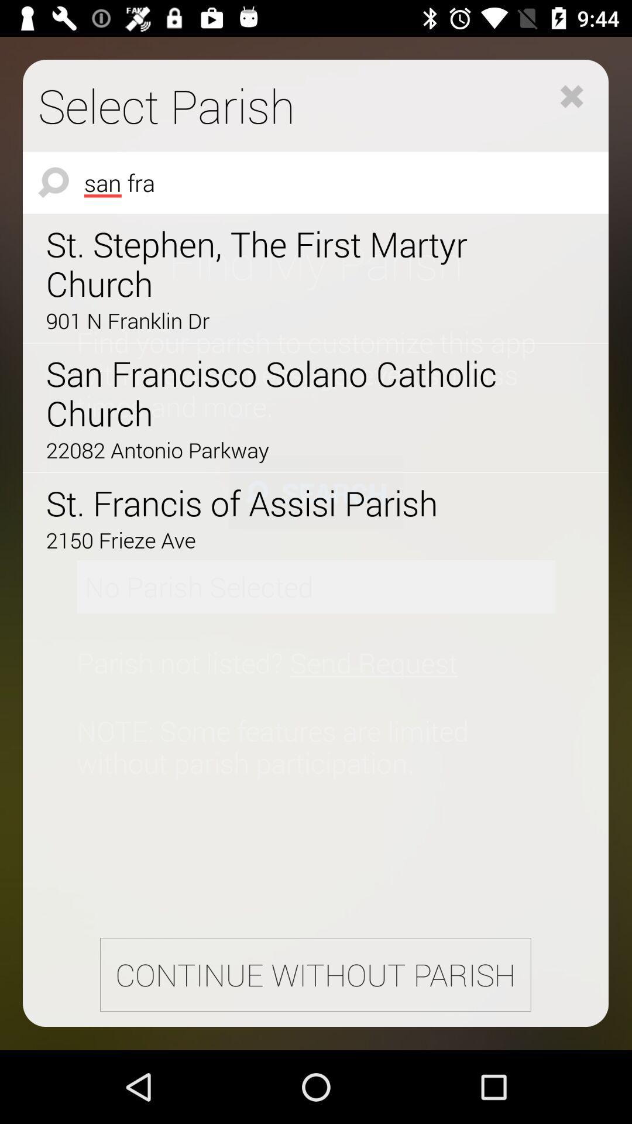 The image size is (632, 1124). I want to click on icon above the st stephen the icon, so click(315, 182).